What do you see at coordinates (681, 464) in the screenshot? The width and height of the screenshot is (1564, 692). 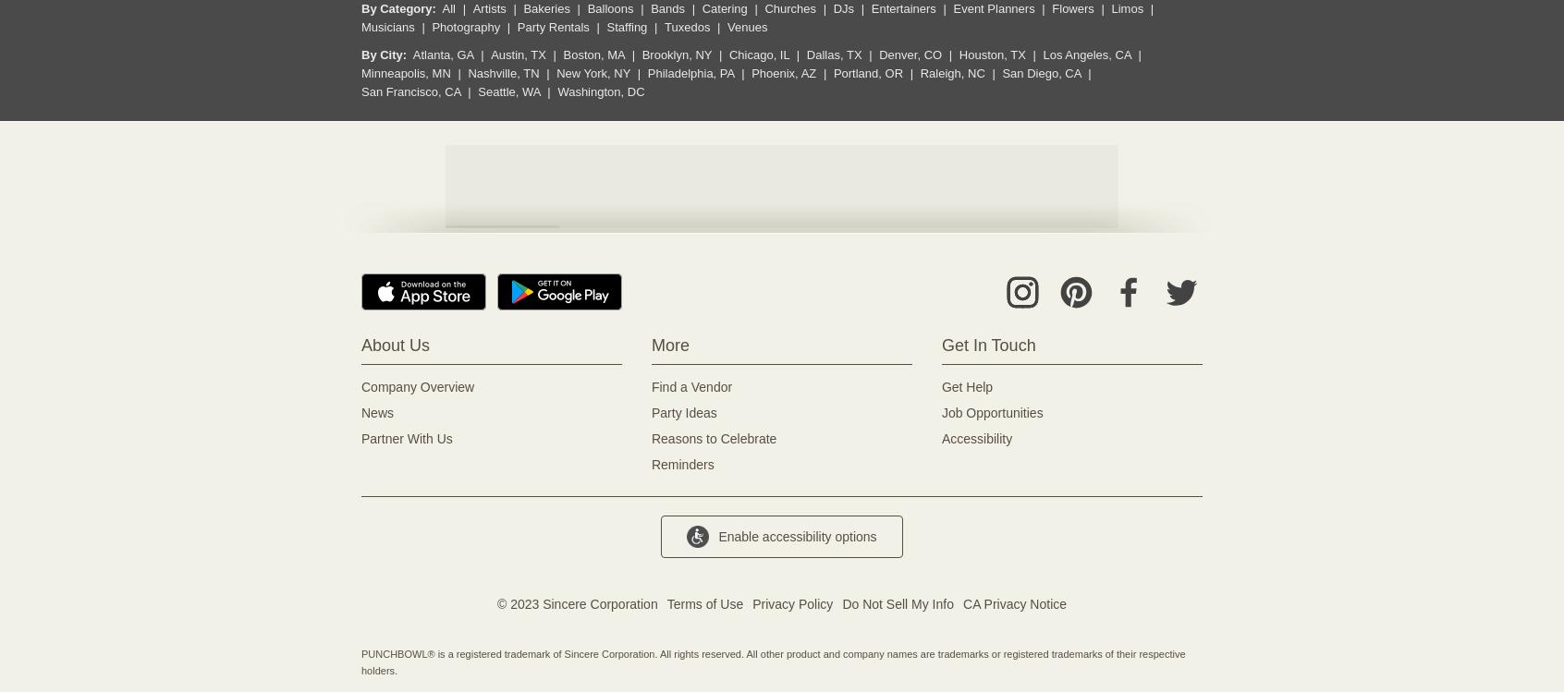 I see `'Reminders'` at bounding box center [681, 464].